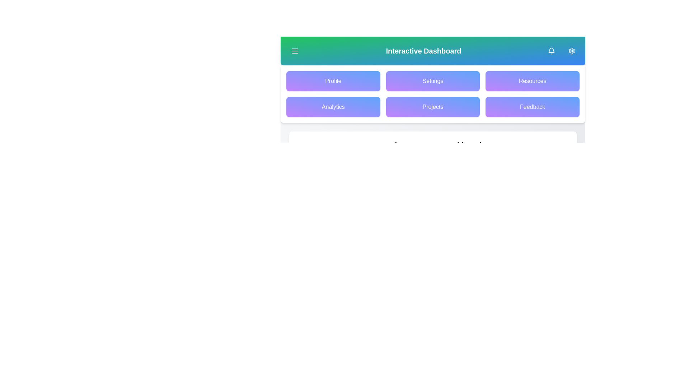 The height and width of the screenshot is (388, 689). What do you see at coordinates (333, 107) in the screenshot?
I see `the Analytics button in the grid` at bounding box center [333, 107].